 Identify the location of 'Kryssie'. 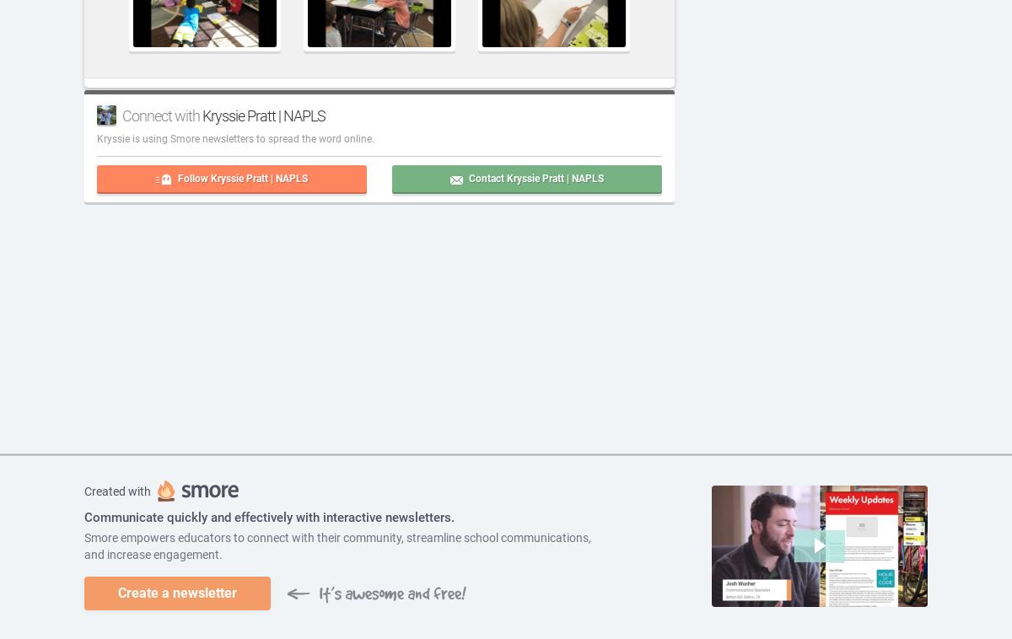
(96, 138).